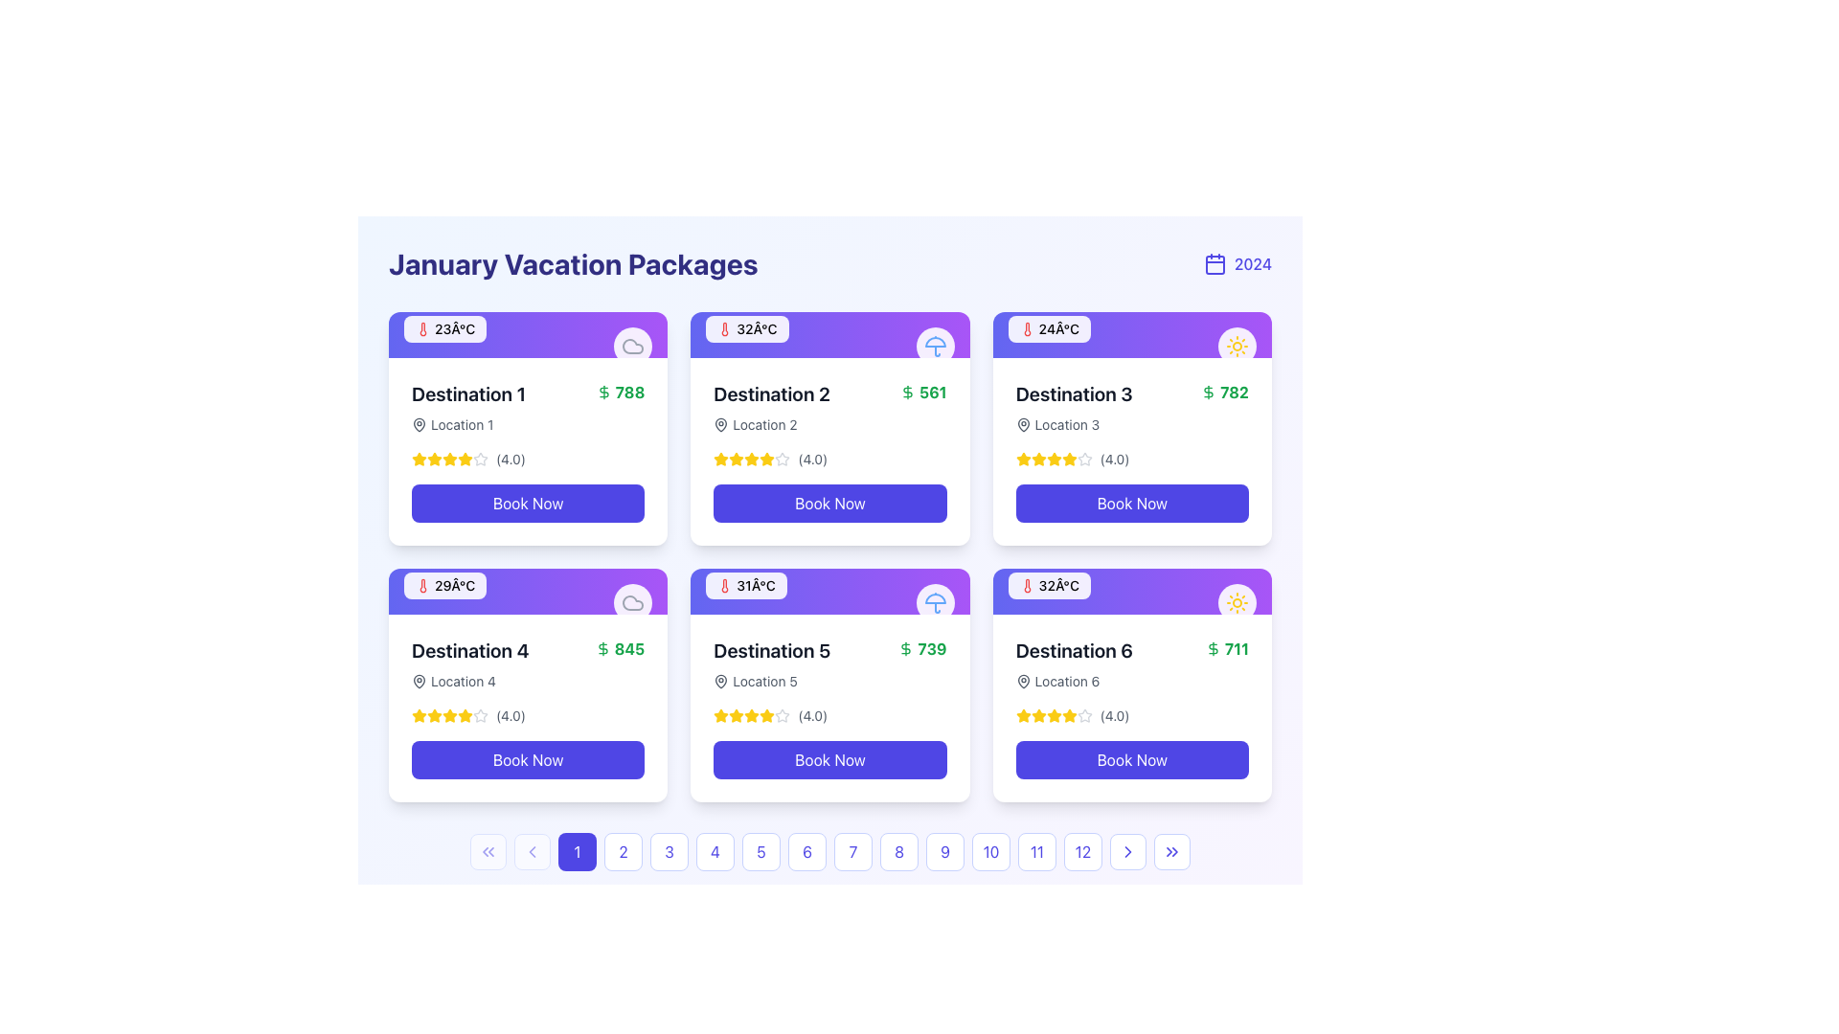 Image resolution: width=1839 pixels, height=1034 pixels. I want to click on the informational text indicating the location associated with the travel package 'Destination 1', located beneath the 'Destination 1' heading and to the right of the map pin icon, so click(462, 423).